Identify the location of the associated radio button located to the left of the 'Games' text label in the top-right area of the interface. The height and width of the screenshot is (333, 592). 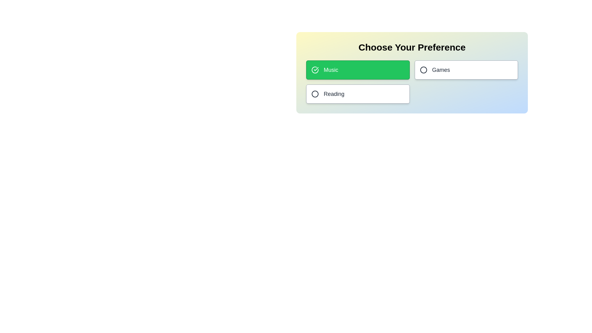
(441, 70).